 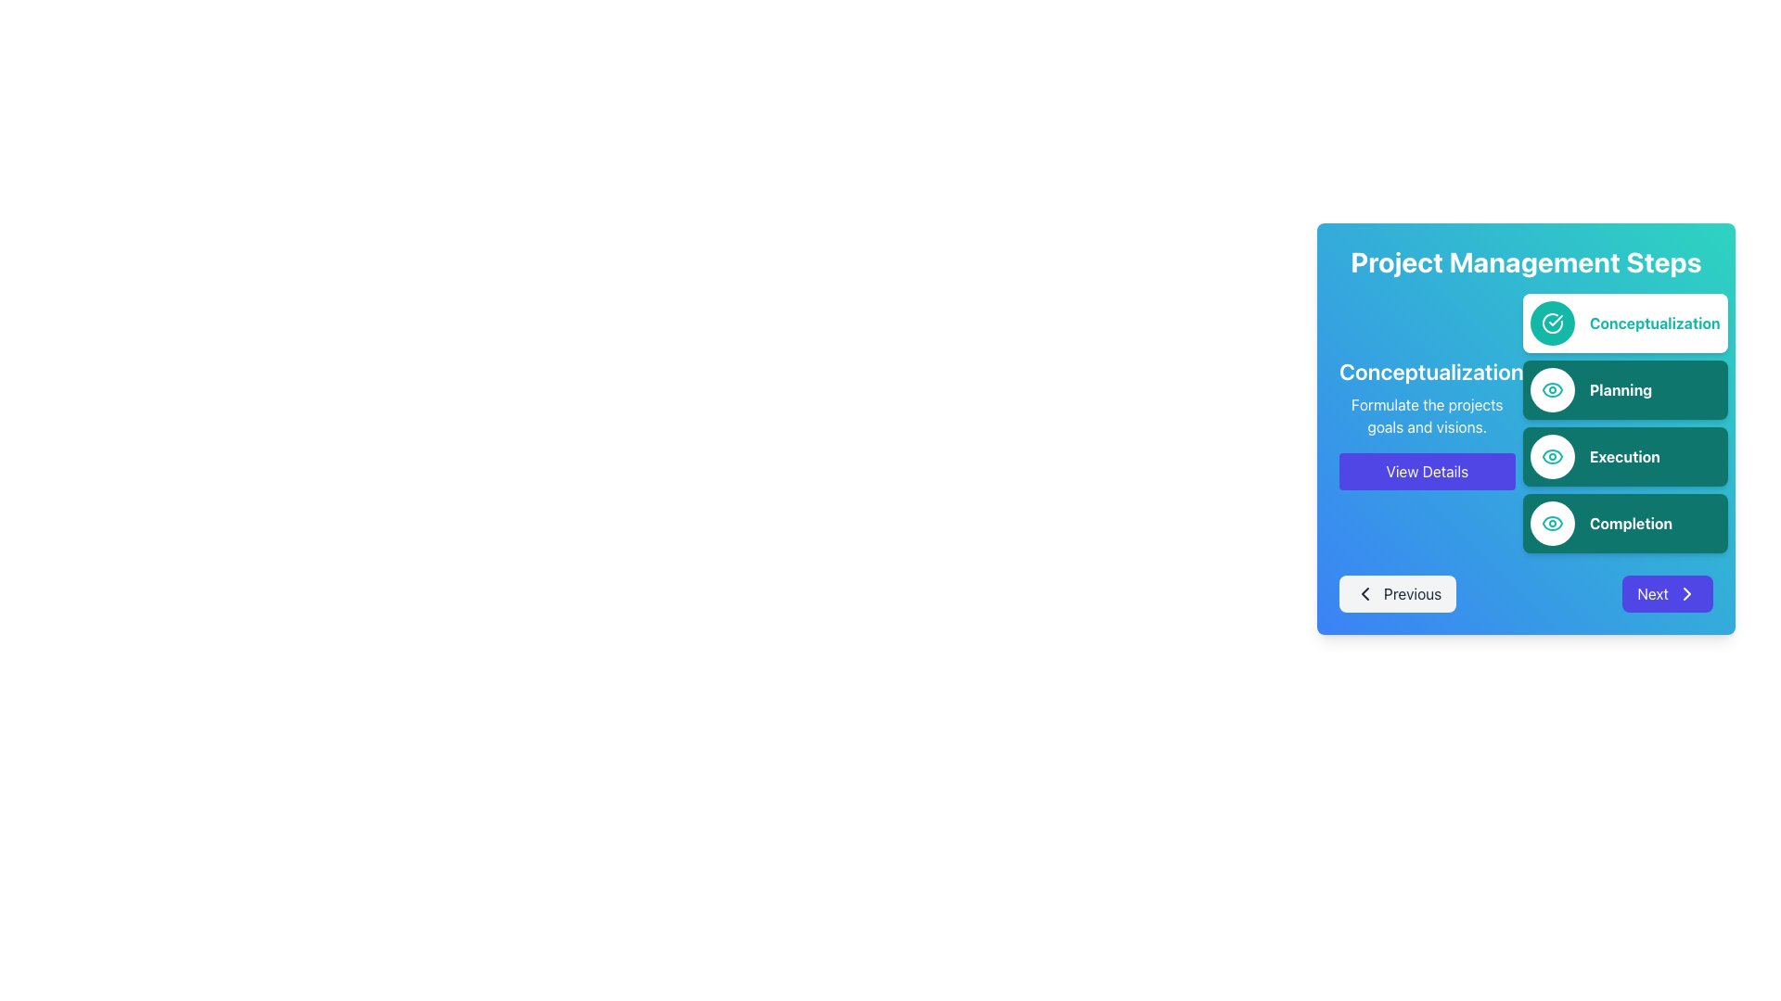 I want to click on the teal eye icon located in the third button of the vertical list on the right side of the blue card interface labeled 'Execution', so click(x=1552, y=457).